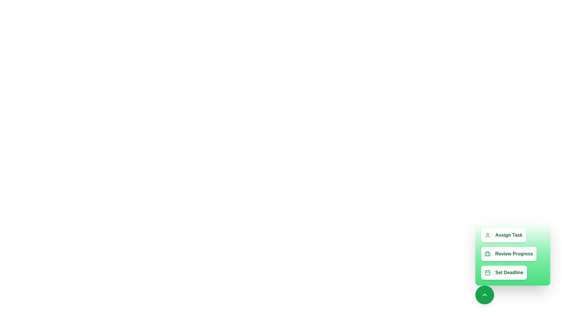 The width and height of the screenshot is (562, 316). I want to click on the button to execute the task action Set Deadline, so click(504, 273).